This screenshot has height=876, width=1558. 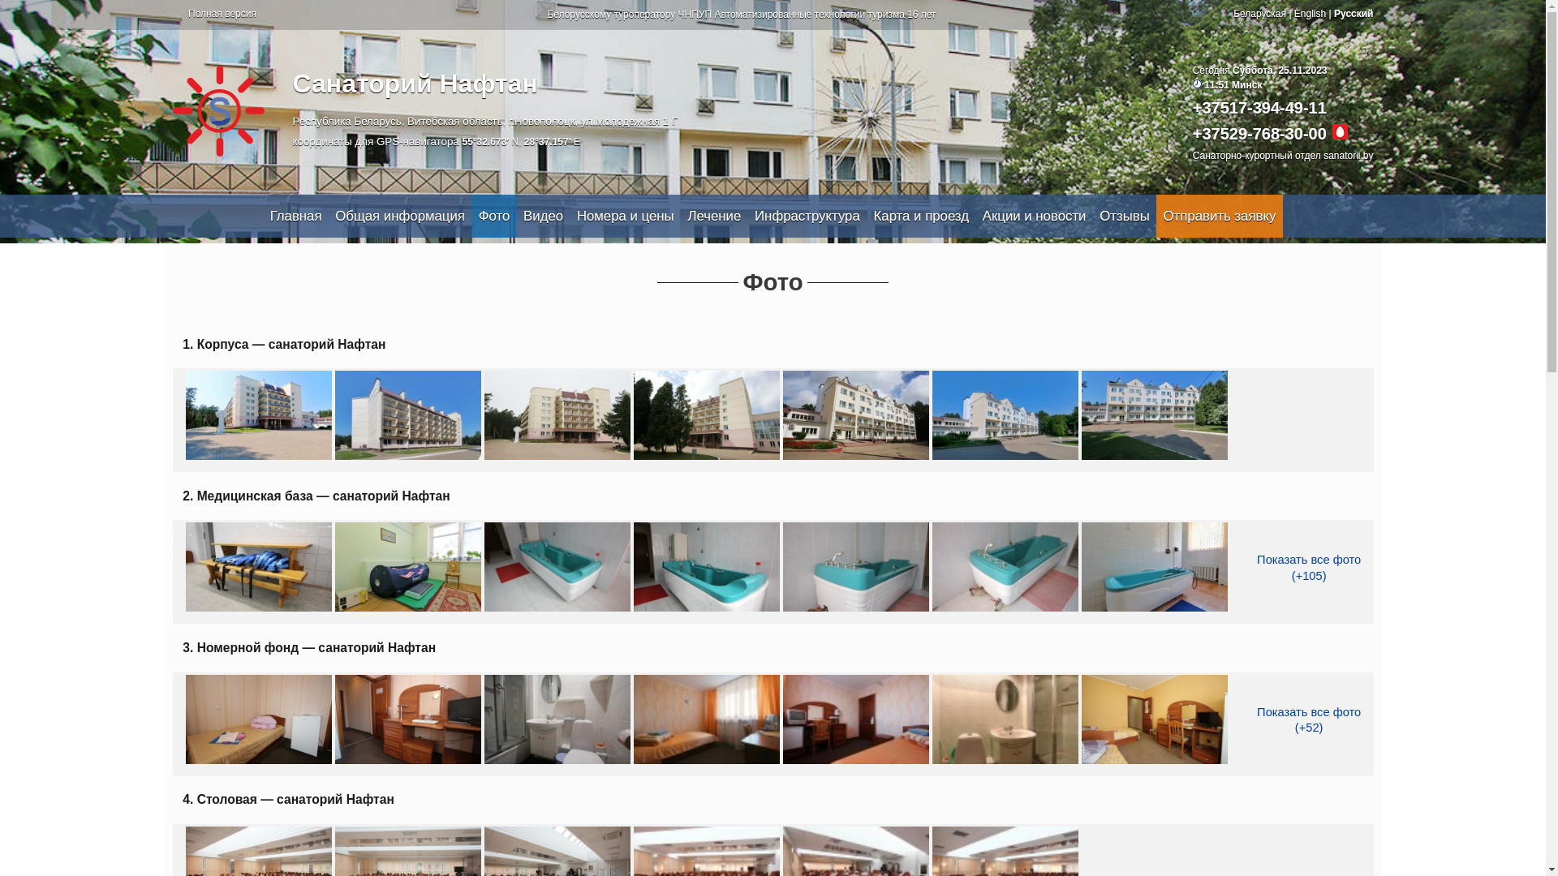 What do you see at coordinates (1259, 107) in the screenshot?
I see `'+37517-394-49-11'` at bounding box center [1259, 107].